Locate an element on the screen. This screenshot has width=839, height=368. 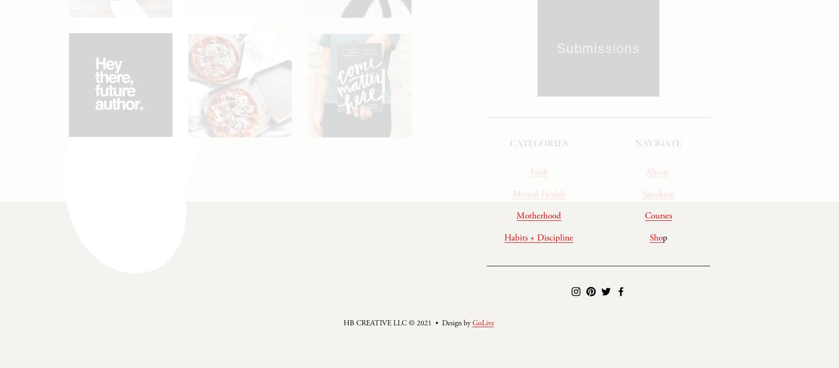
'Faith' is located at coordinates (539, 175).